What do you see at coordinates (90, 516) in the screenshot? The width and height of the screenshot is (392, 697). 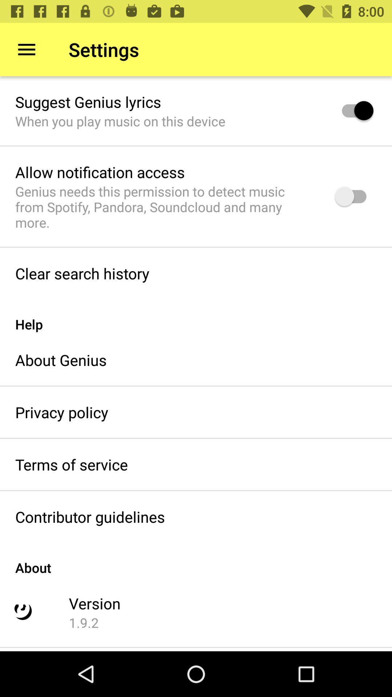 I see `contributor guidelines item` at bounding box center [90, 516].